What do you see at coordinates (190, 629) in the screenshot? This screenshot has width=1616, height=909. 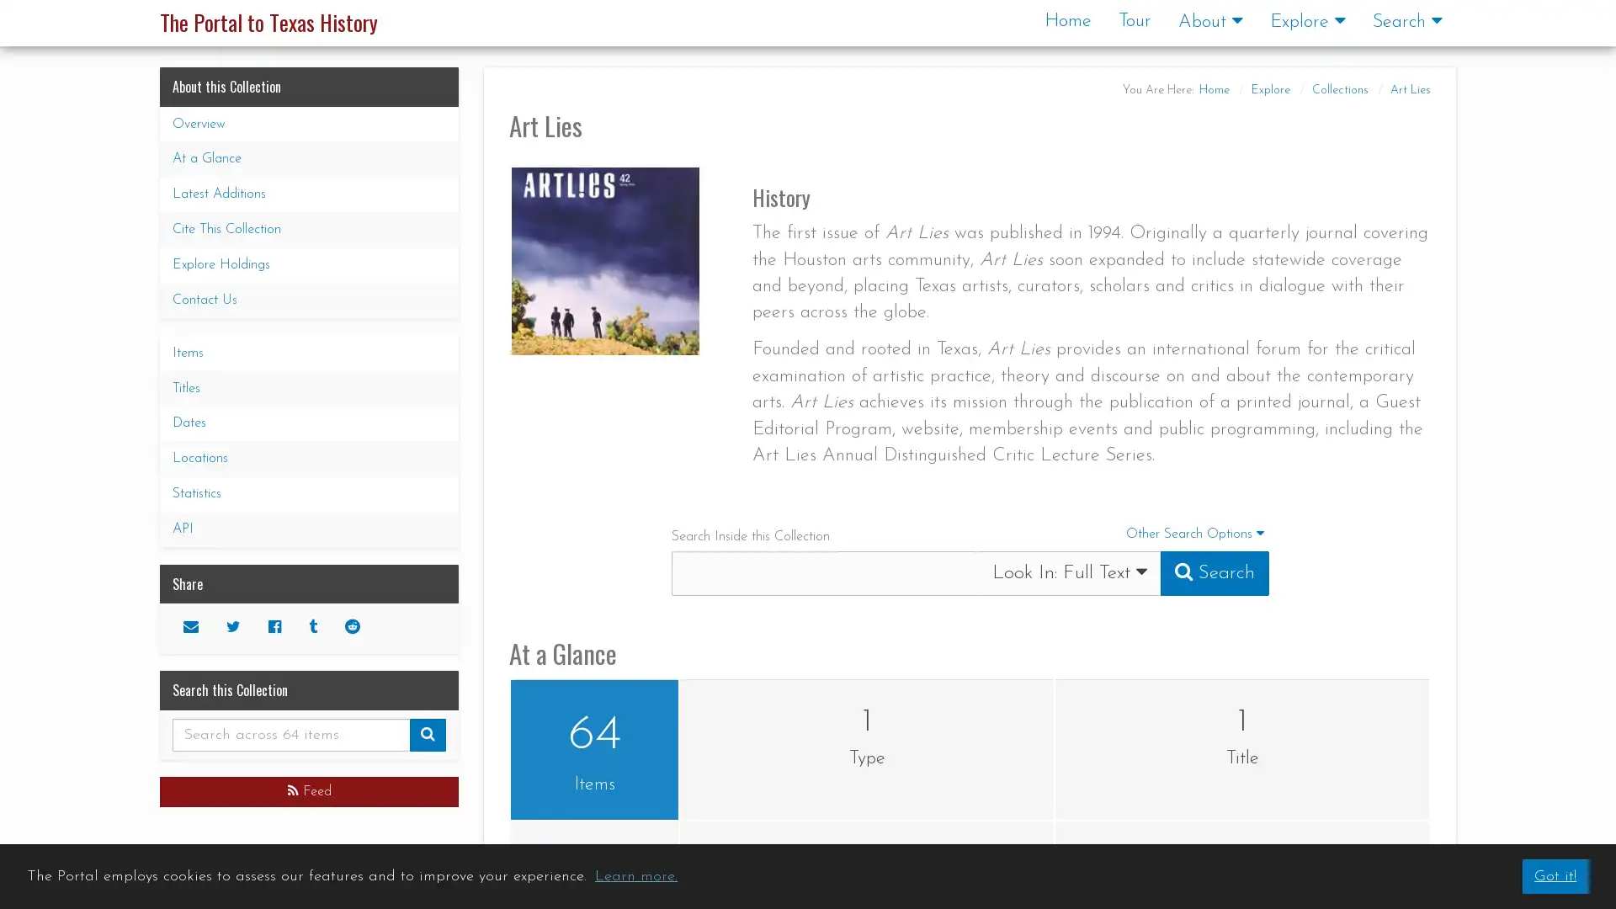 I see `Email` at bounding box center [190, 629].